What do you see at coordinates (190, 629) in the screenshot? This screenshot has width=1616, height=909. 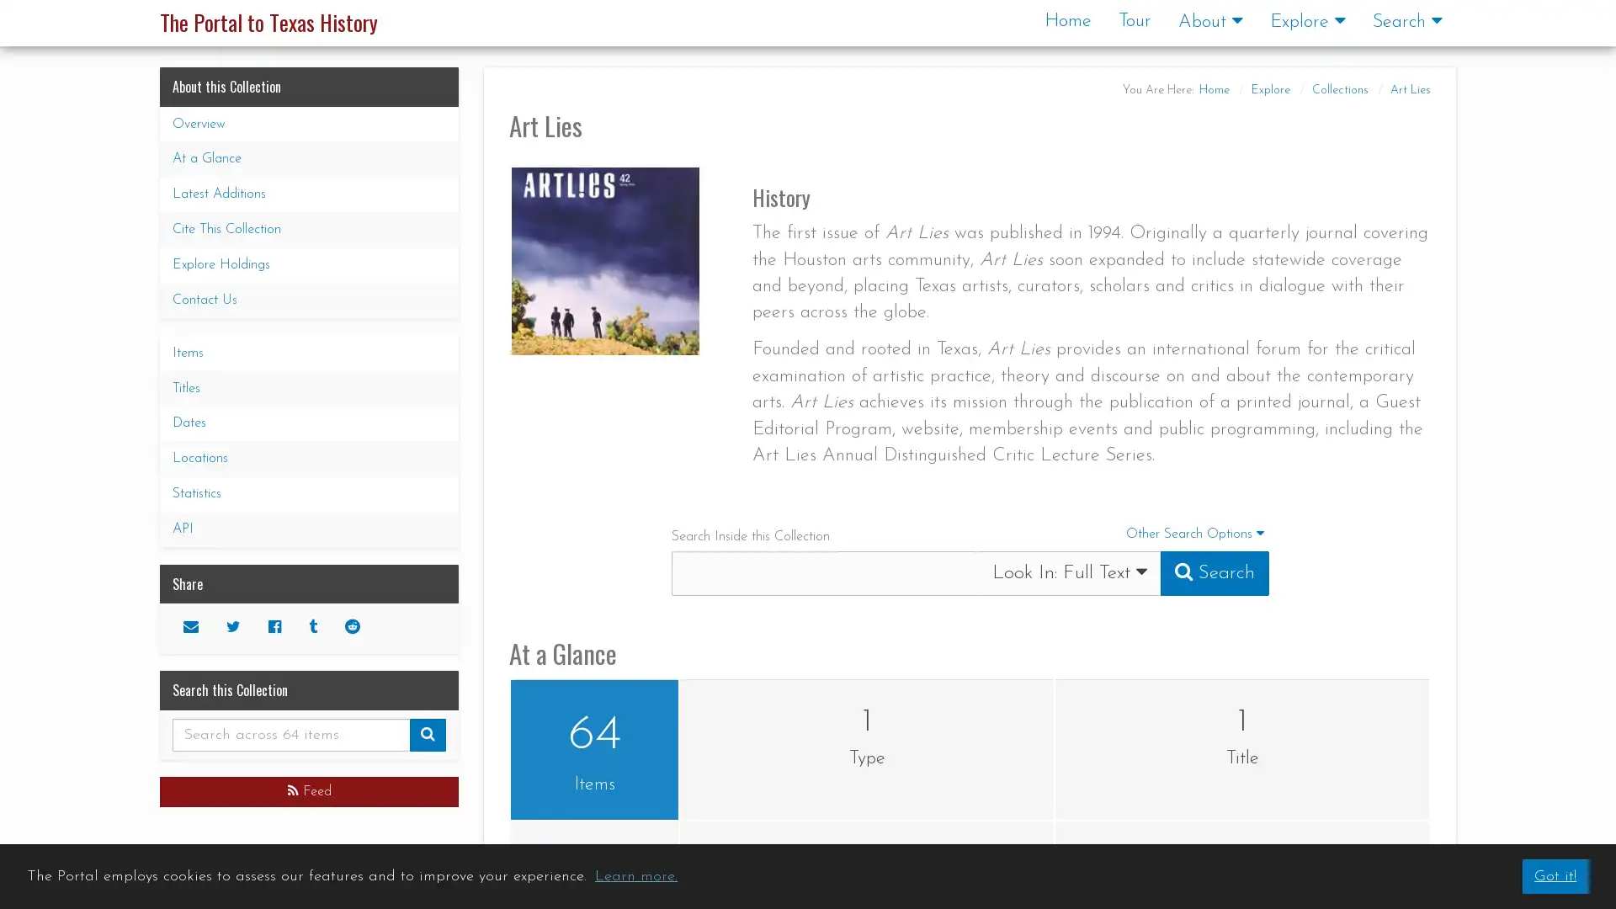 I see `Email` at bounding box center [190, 629].